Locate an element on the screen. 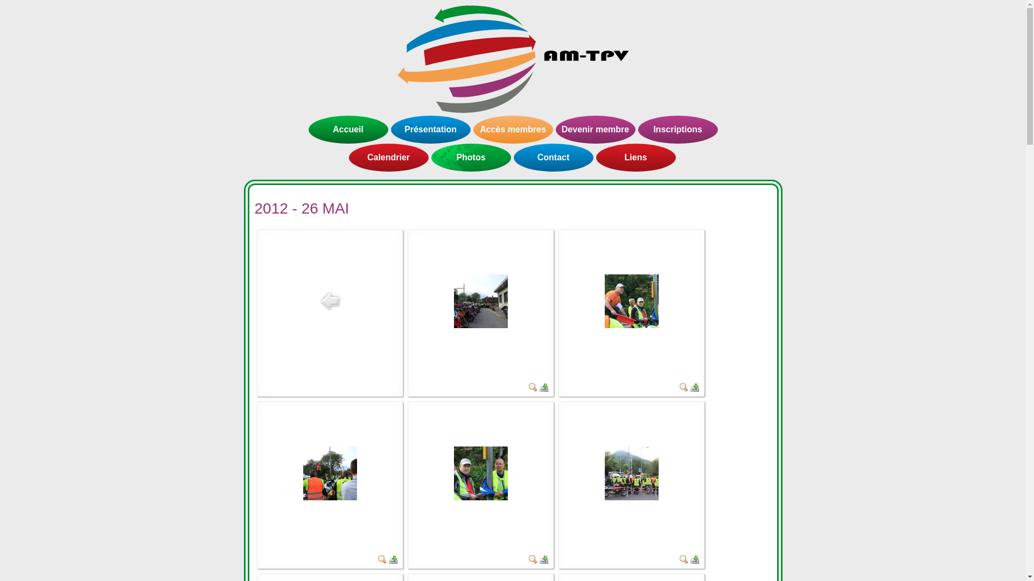 Image resolution: width=1034 pixels, height=581 pixels. 'Liens' is located at coordinates (635, 158).